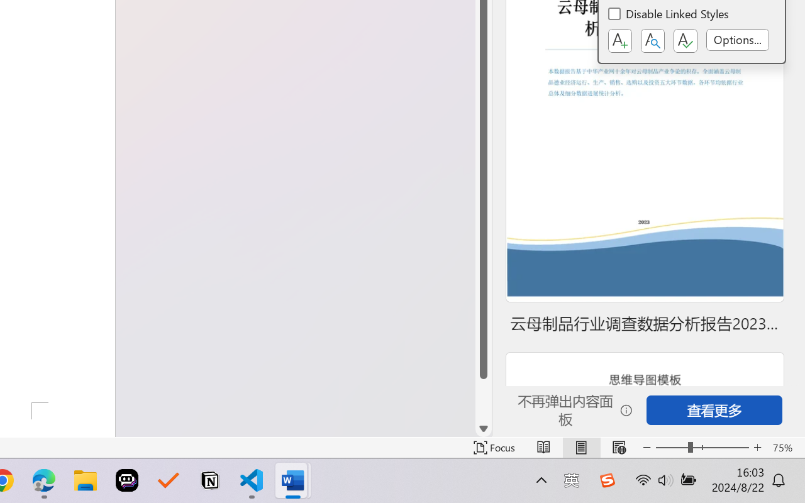 The height and width of the screenshot is (503, 805). I want to click on 'Disable Linked Styles', so click(669, 16).